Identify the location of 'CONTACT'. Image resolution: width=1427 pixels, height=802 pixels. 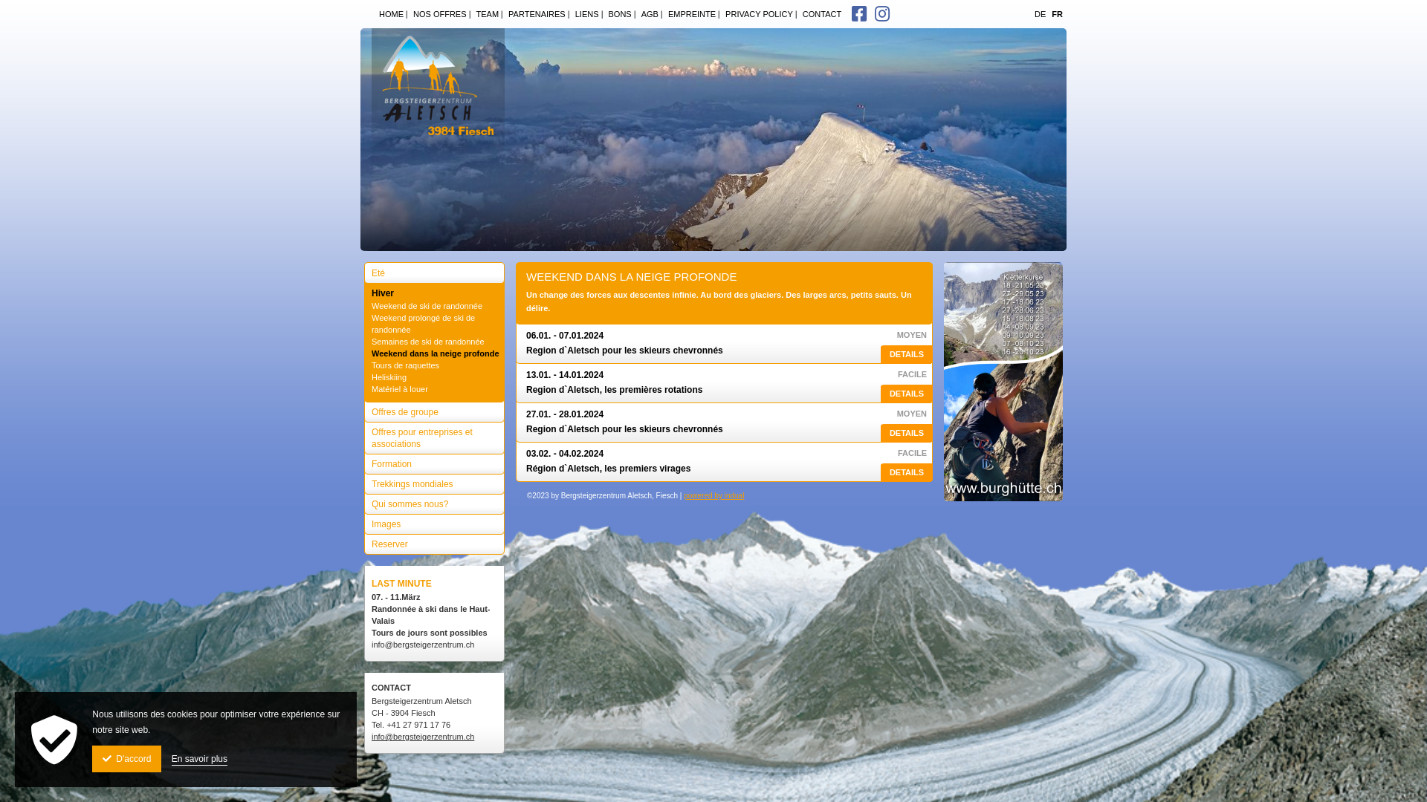
(818, 14).